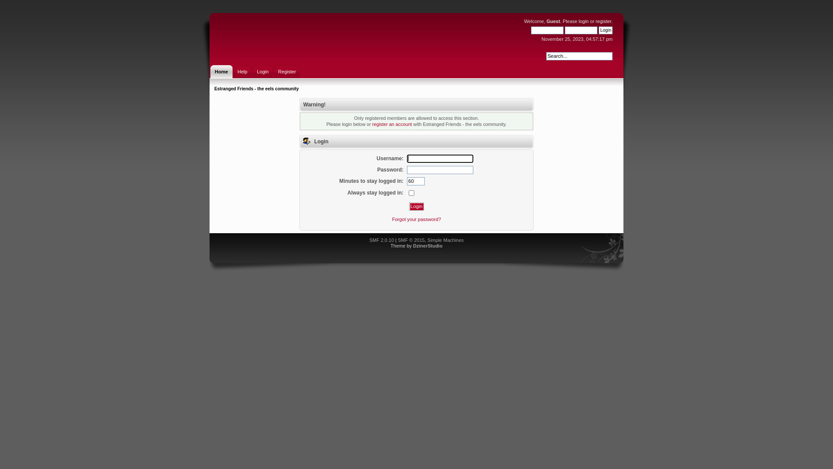  I want to click on 'Forgot your password?', so click(416, 219).